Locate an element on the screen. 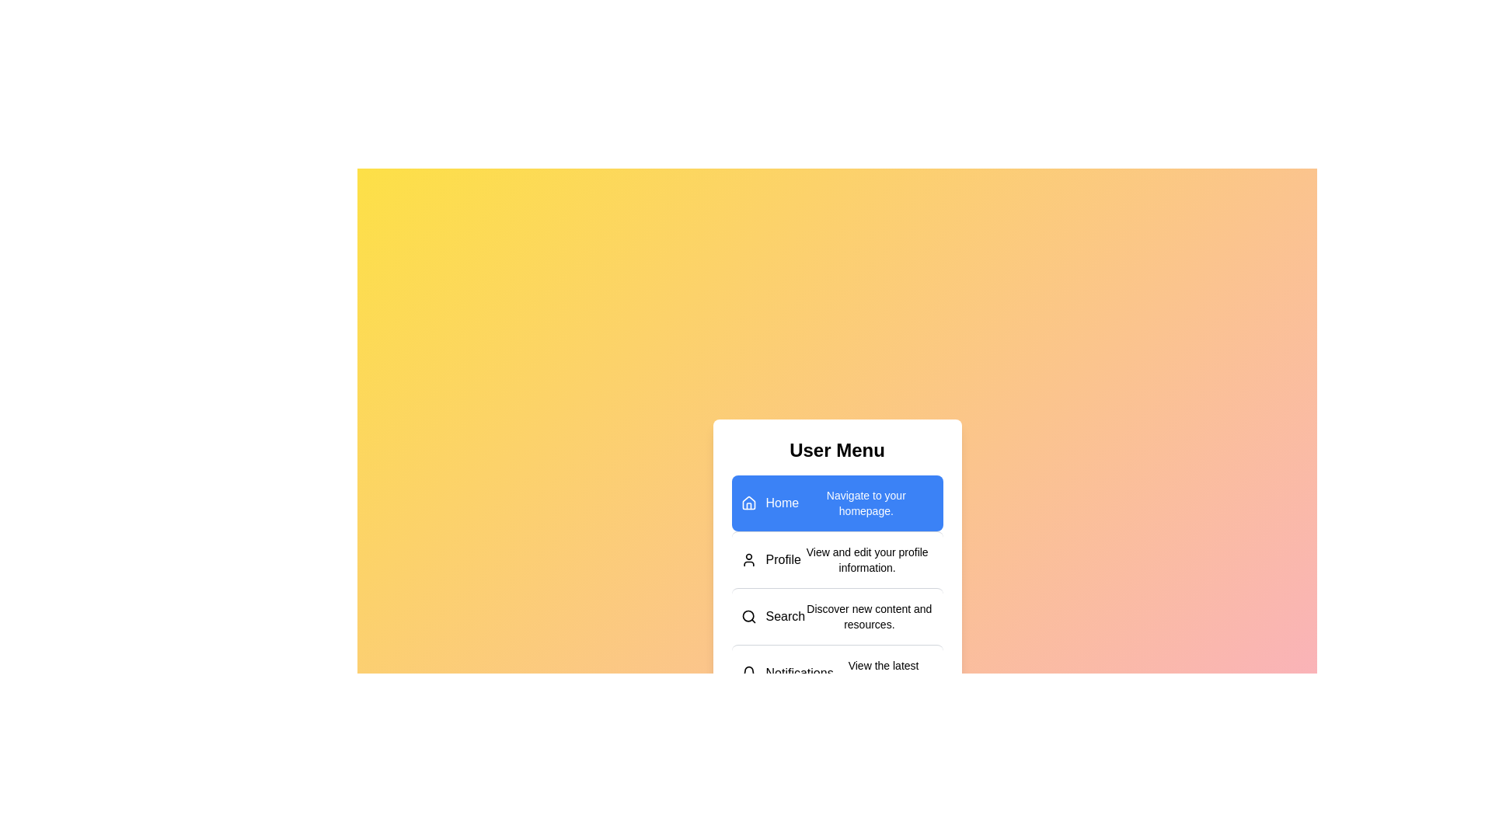 The width and height of the screenshot is (1492, 839). the menu item labeled Search to change the selected option is located at coordinates (836, 615).